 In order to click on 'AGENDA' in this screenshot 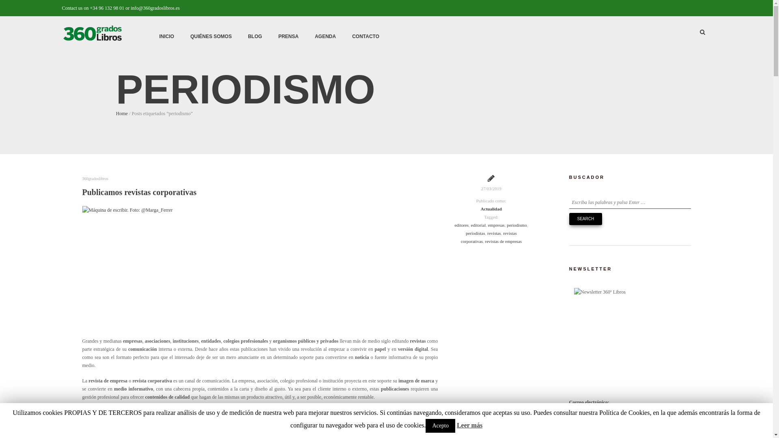, I will do `click(325, 36)`.